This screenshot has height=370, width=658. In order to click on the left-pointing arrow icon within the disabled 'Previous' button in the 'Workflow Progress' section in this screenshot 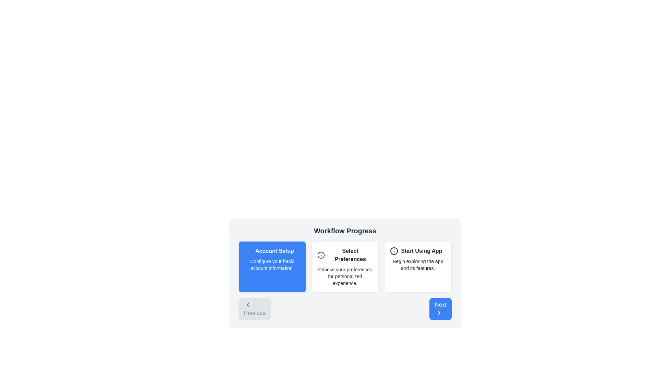, I will do `click(248, 305)`.